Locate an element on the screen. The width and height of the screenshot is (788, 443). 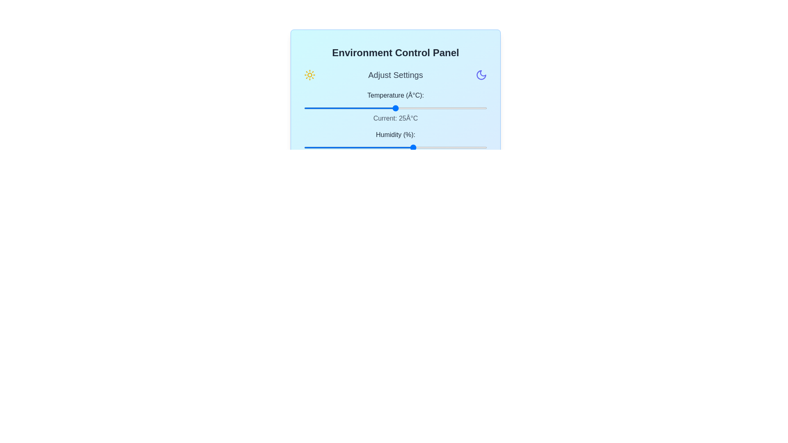
the humidity slider to 38% is located at coordinates (373, 147).